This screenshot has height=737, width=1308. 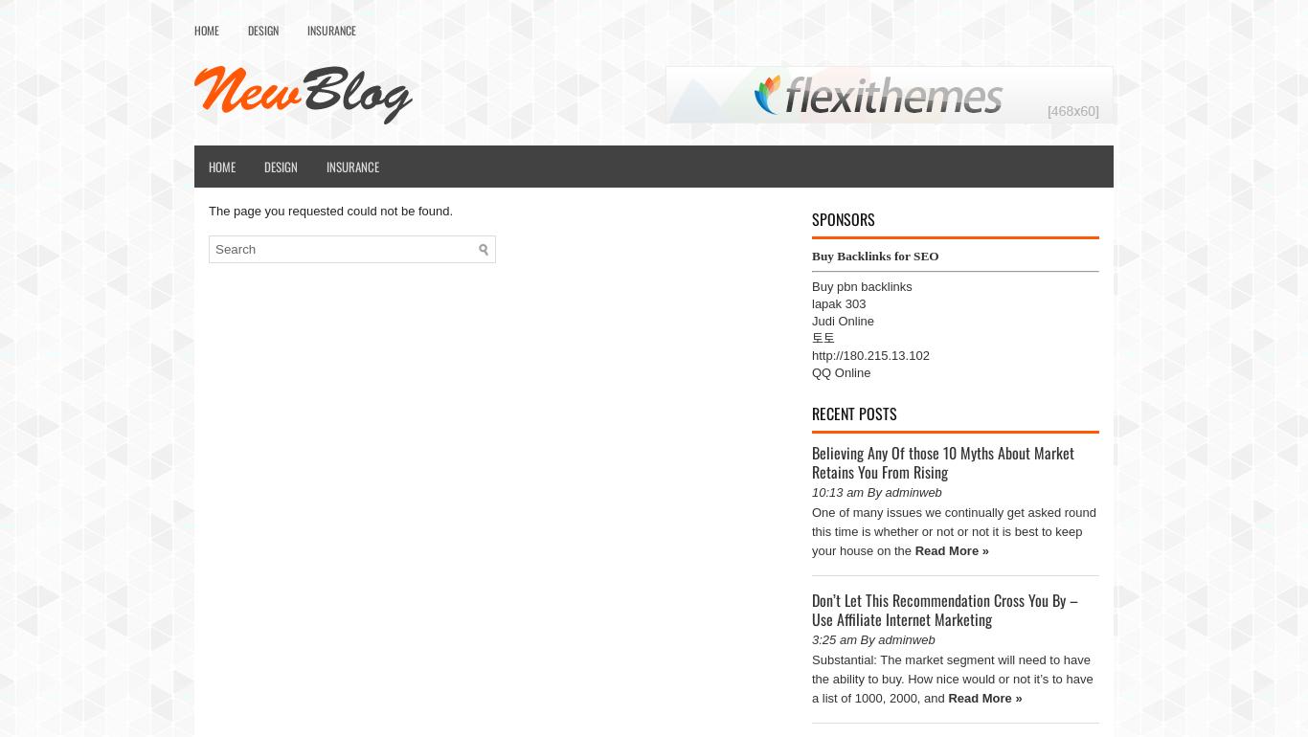 I want to click on 'QQ Online', so click(x=840, y=372).